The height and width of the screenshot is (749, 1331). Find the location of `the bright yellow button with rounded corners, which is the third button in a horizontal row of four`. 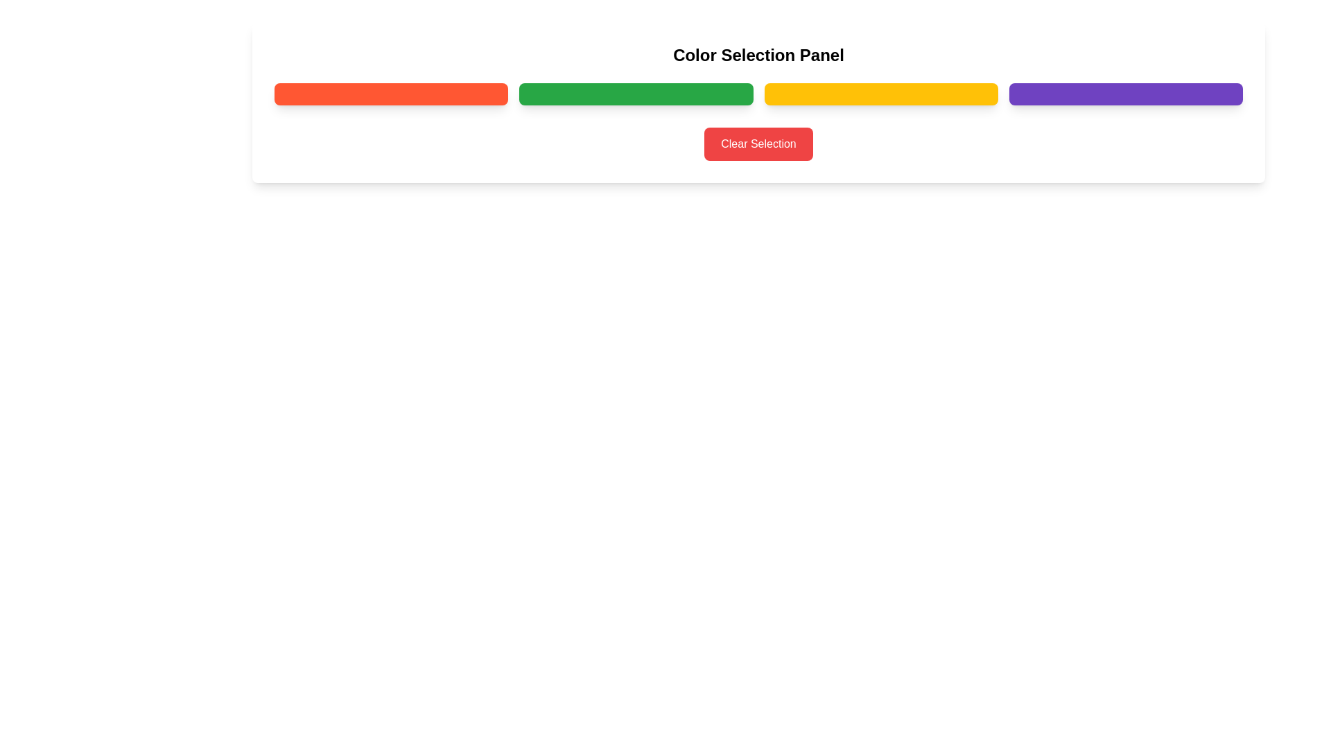

the bright yellow button with rounded corners, which is the third button in a horizontal row of four is located at coordinates (880, 94).